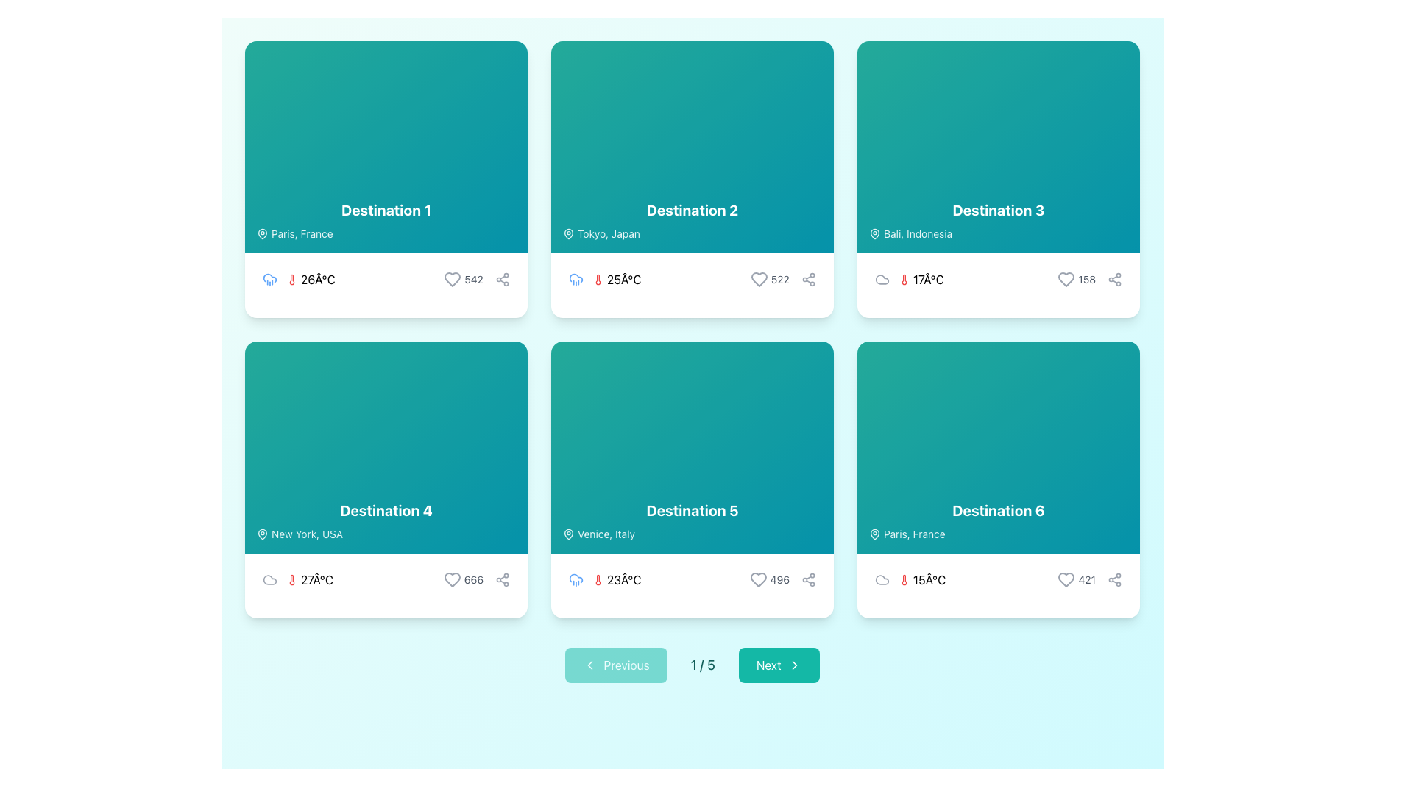 The image size is (1413, 795). What do you see at coordinates (779, 579) in the screenshot?
I see `numerical text label that displays '496', which is styled with a smaller font size and gray color, located to the right of a heart icon in the bottom-right section of the card labeled 'Destination 5'` at bounding box center [779, 579].